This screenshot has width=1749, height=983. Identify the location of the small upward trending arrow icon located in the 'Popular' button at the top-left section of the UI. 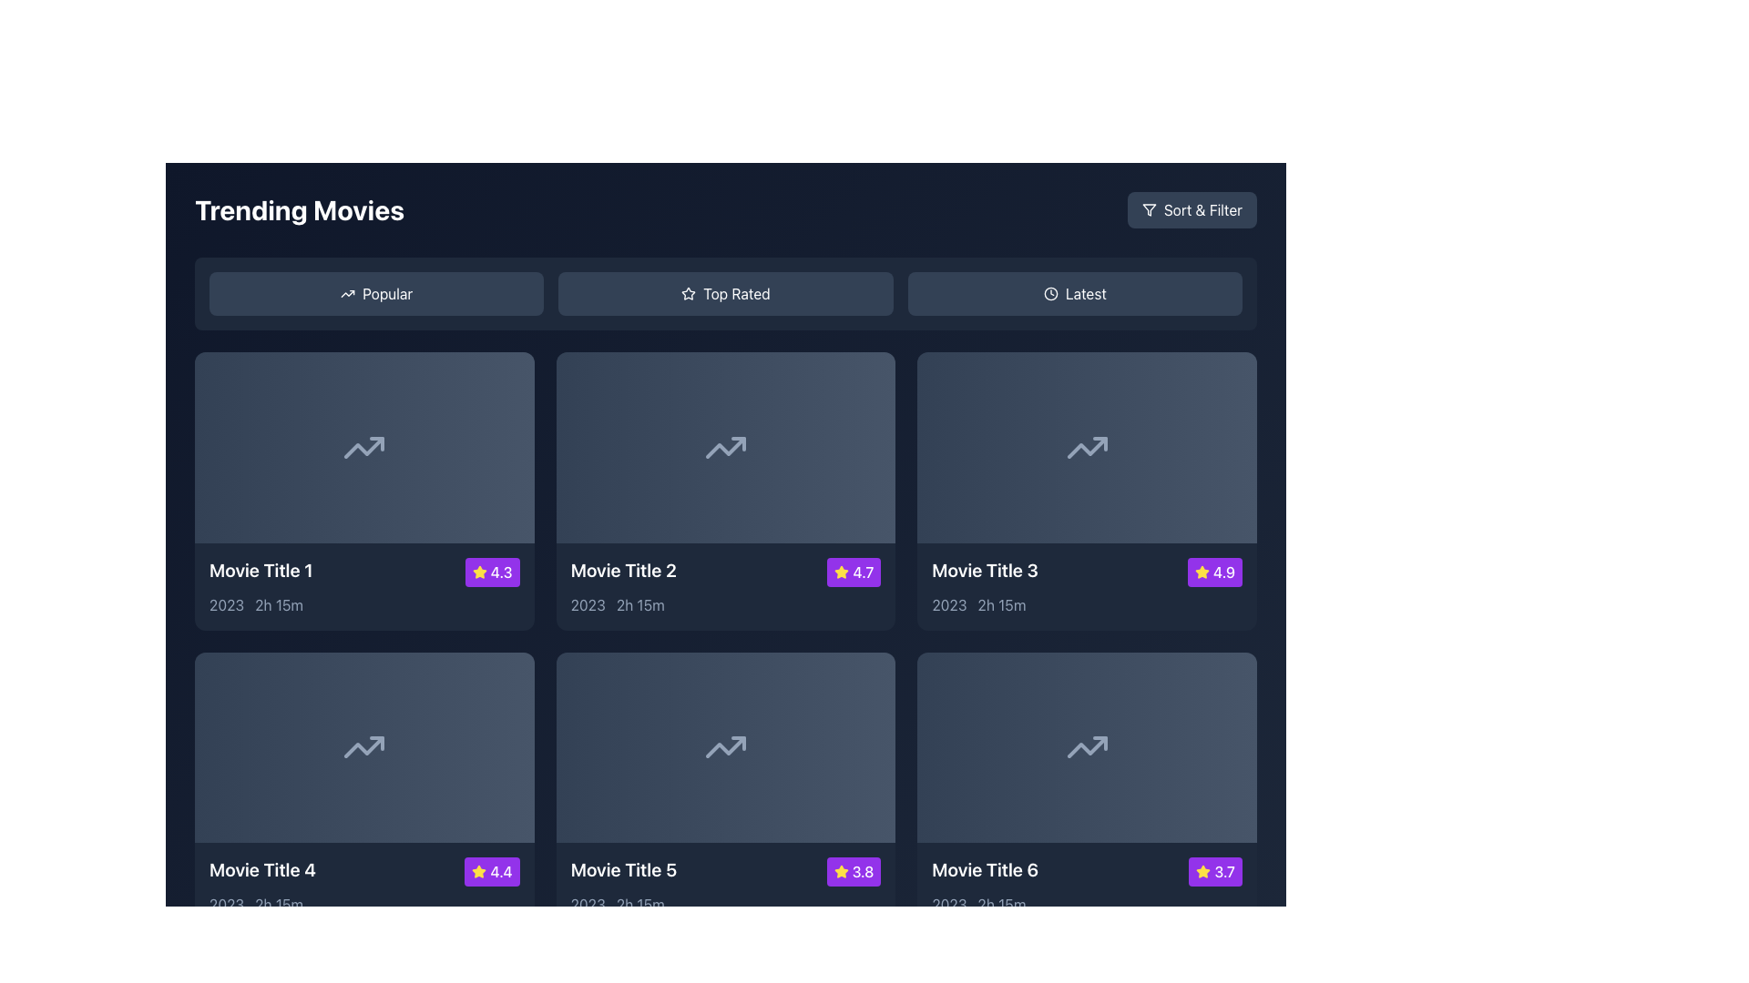
(348, 293).